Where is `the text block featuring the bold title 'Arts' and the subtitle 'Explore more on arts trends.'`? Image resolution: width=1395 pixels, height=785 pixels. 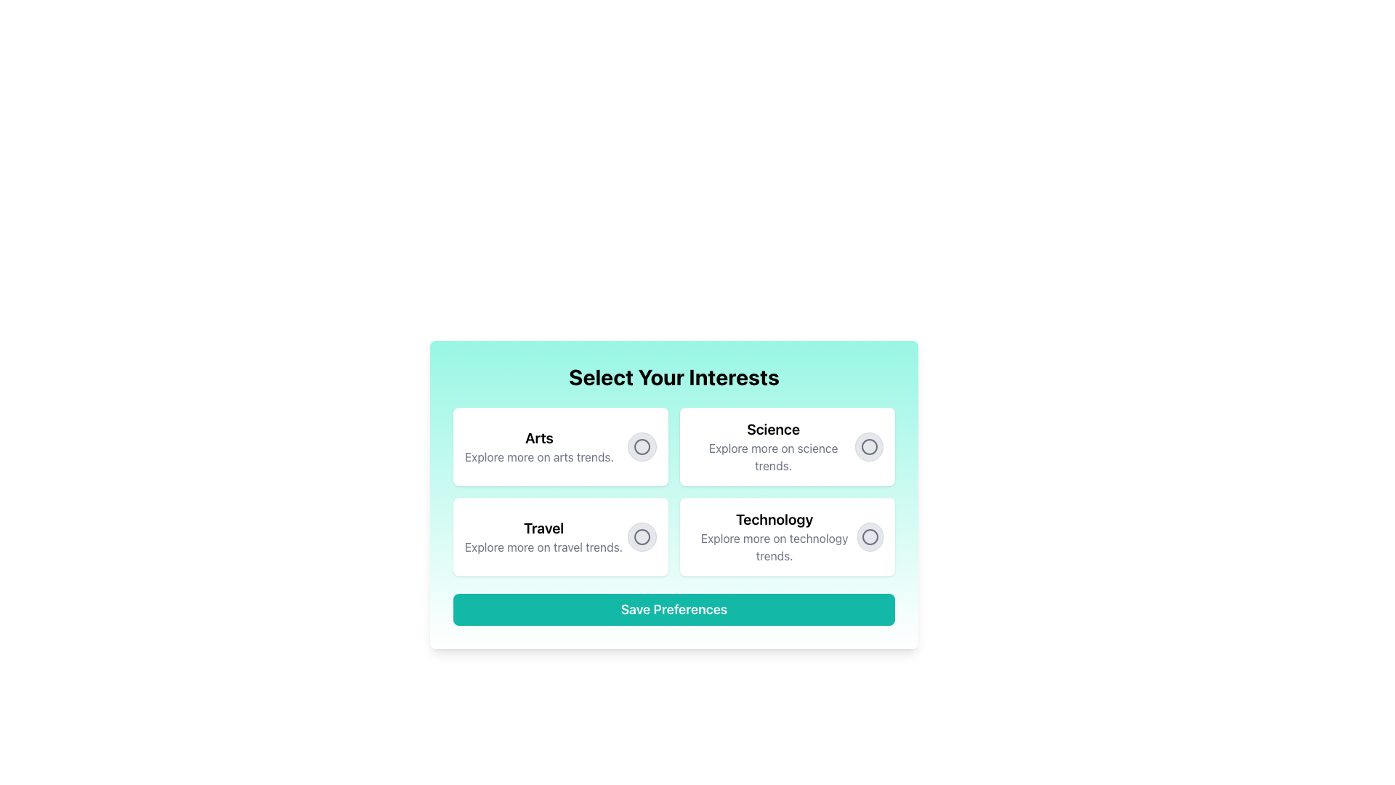 the text block featuring the bold title 'Arts' and the subtitle 'Explore more on arts trends.' is located at coordinates (538, 446).